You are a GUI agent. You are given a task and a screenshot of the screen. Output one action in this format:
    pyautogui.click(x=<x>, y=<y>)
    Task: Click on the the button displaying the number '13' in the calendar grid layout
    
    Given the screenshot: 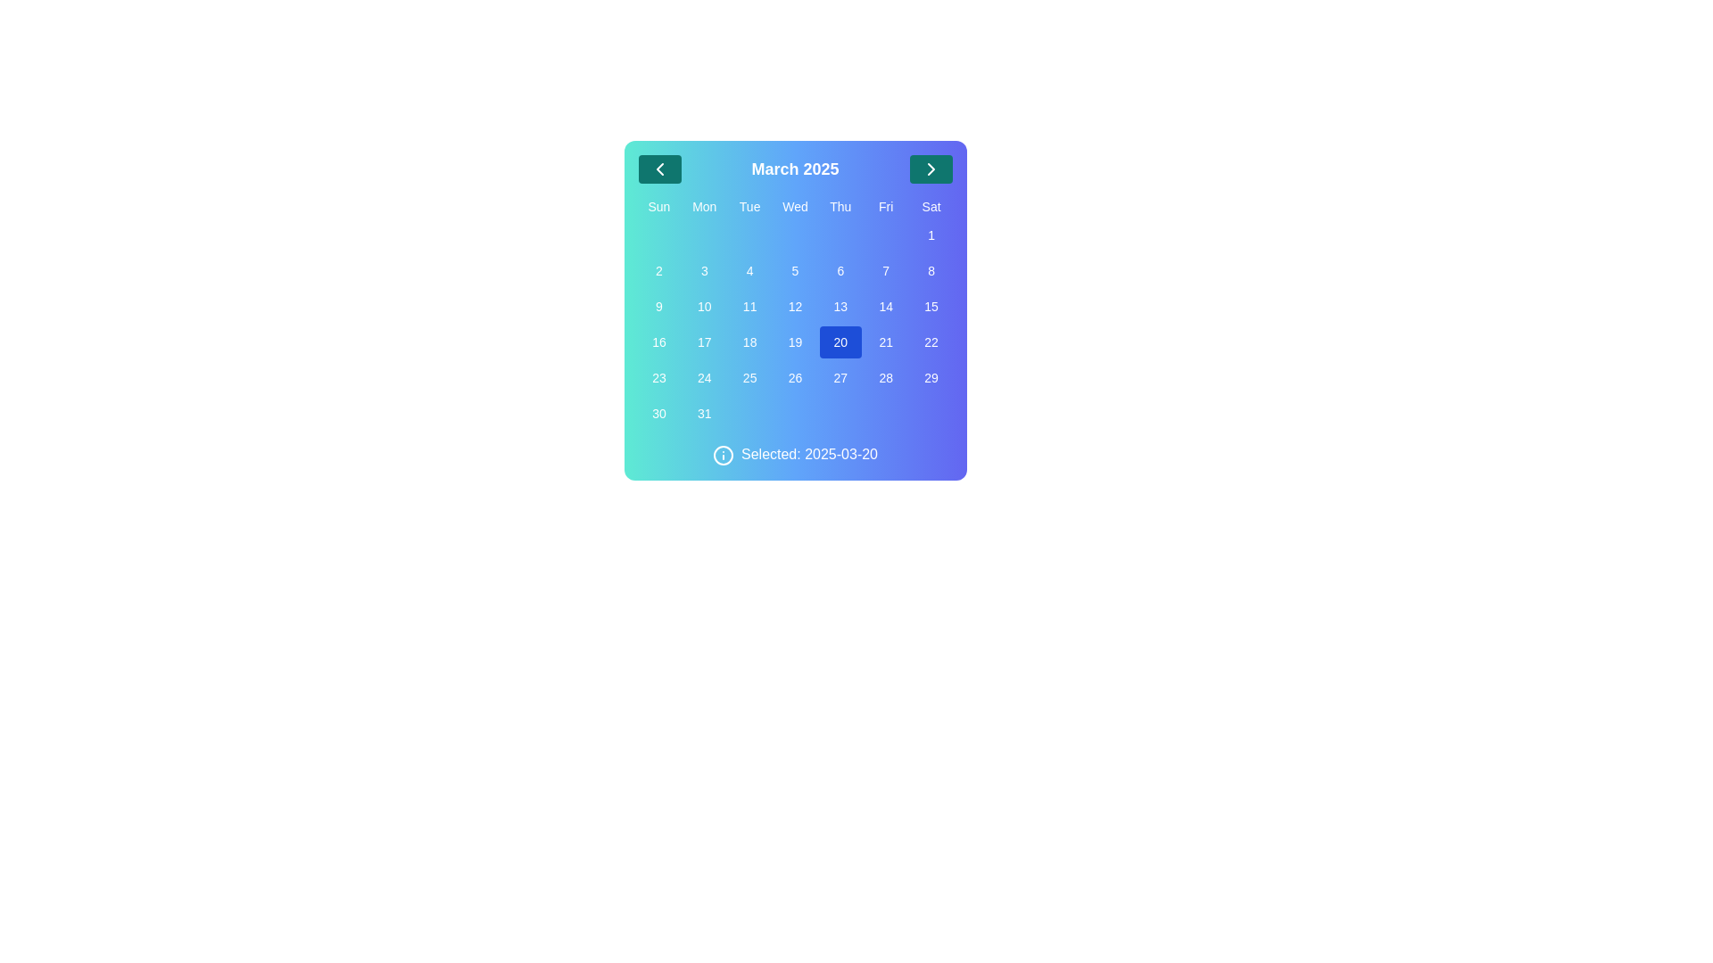 What is the action you would take?
    pyautogui.click(x=840, y=305)
    